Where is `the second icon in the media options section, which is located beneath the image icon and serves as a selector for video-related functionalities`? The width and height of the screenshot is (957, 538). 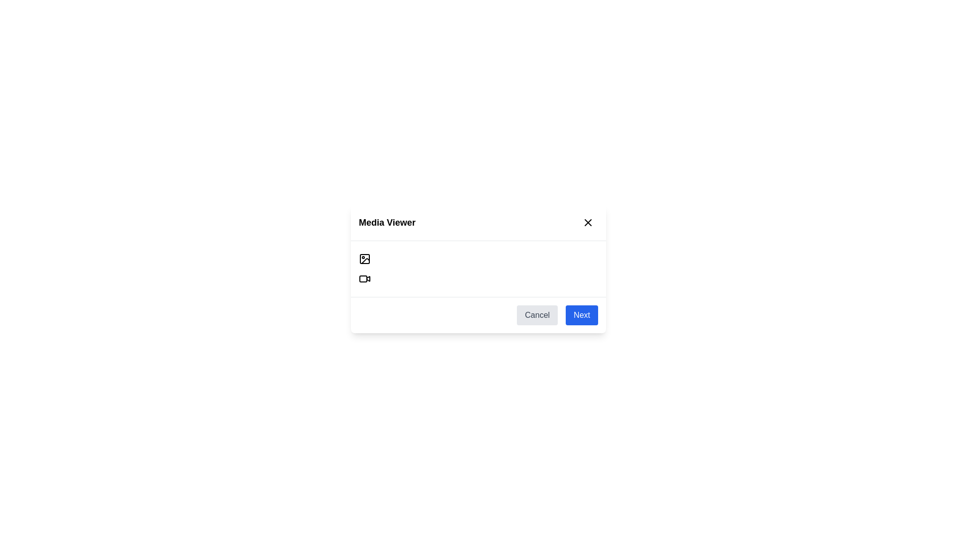 the second icon in the media options section, which is located beneath the image icon and serves as a selector for video-related functionalities is located at coordinates (364, 278).